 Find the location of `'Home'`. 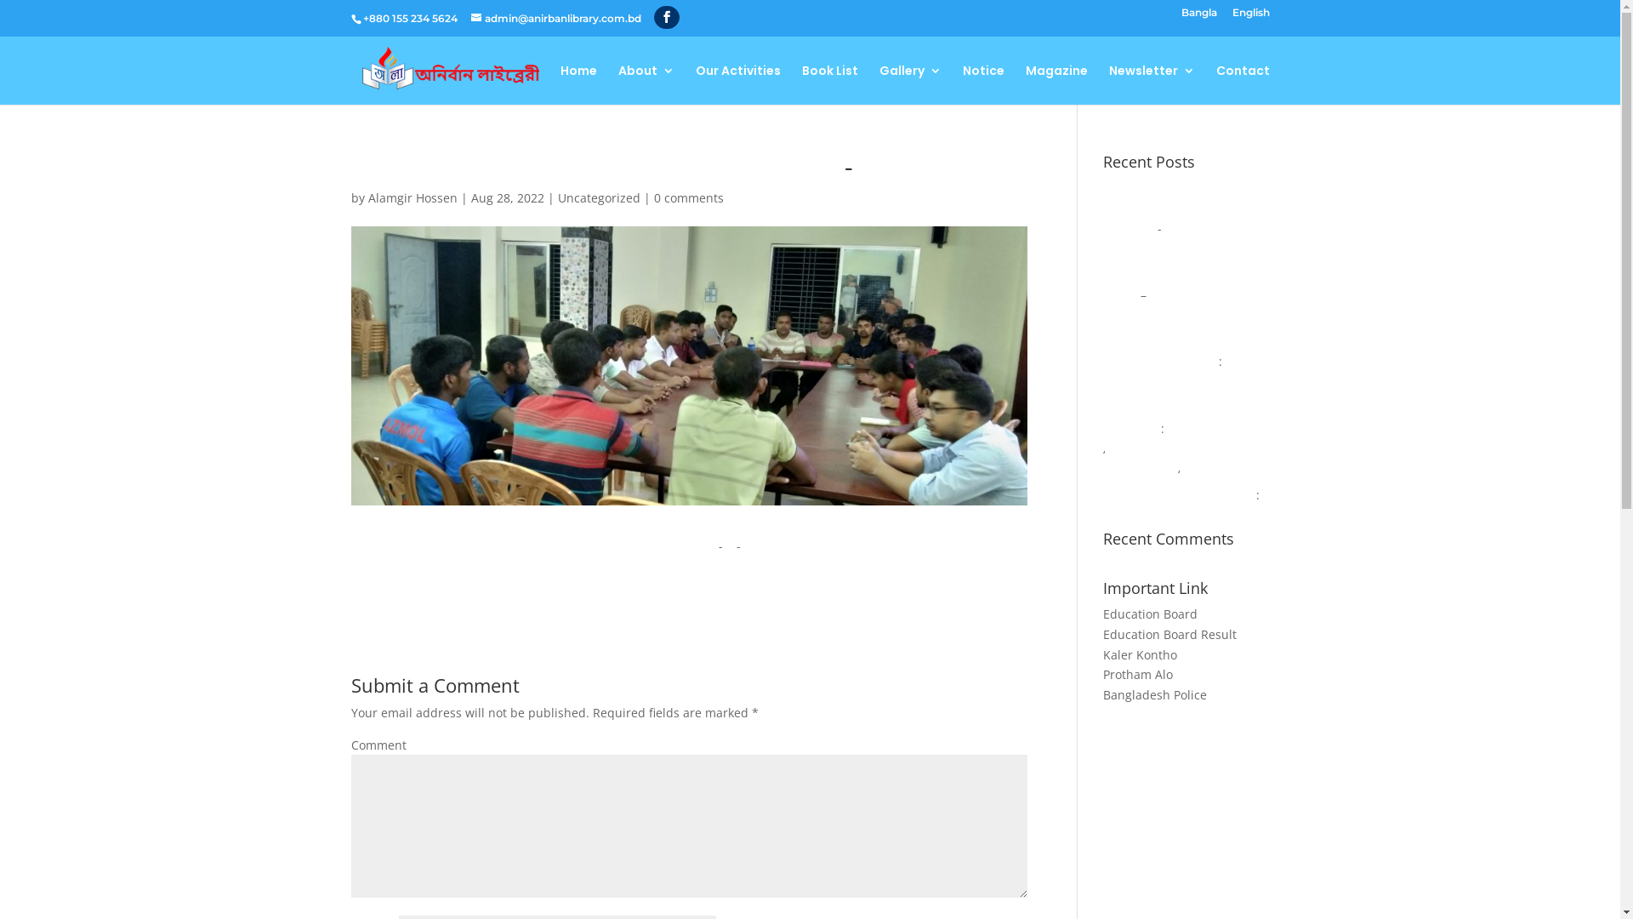

'Home' is located at coordinates (578, 84).